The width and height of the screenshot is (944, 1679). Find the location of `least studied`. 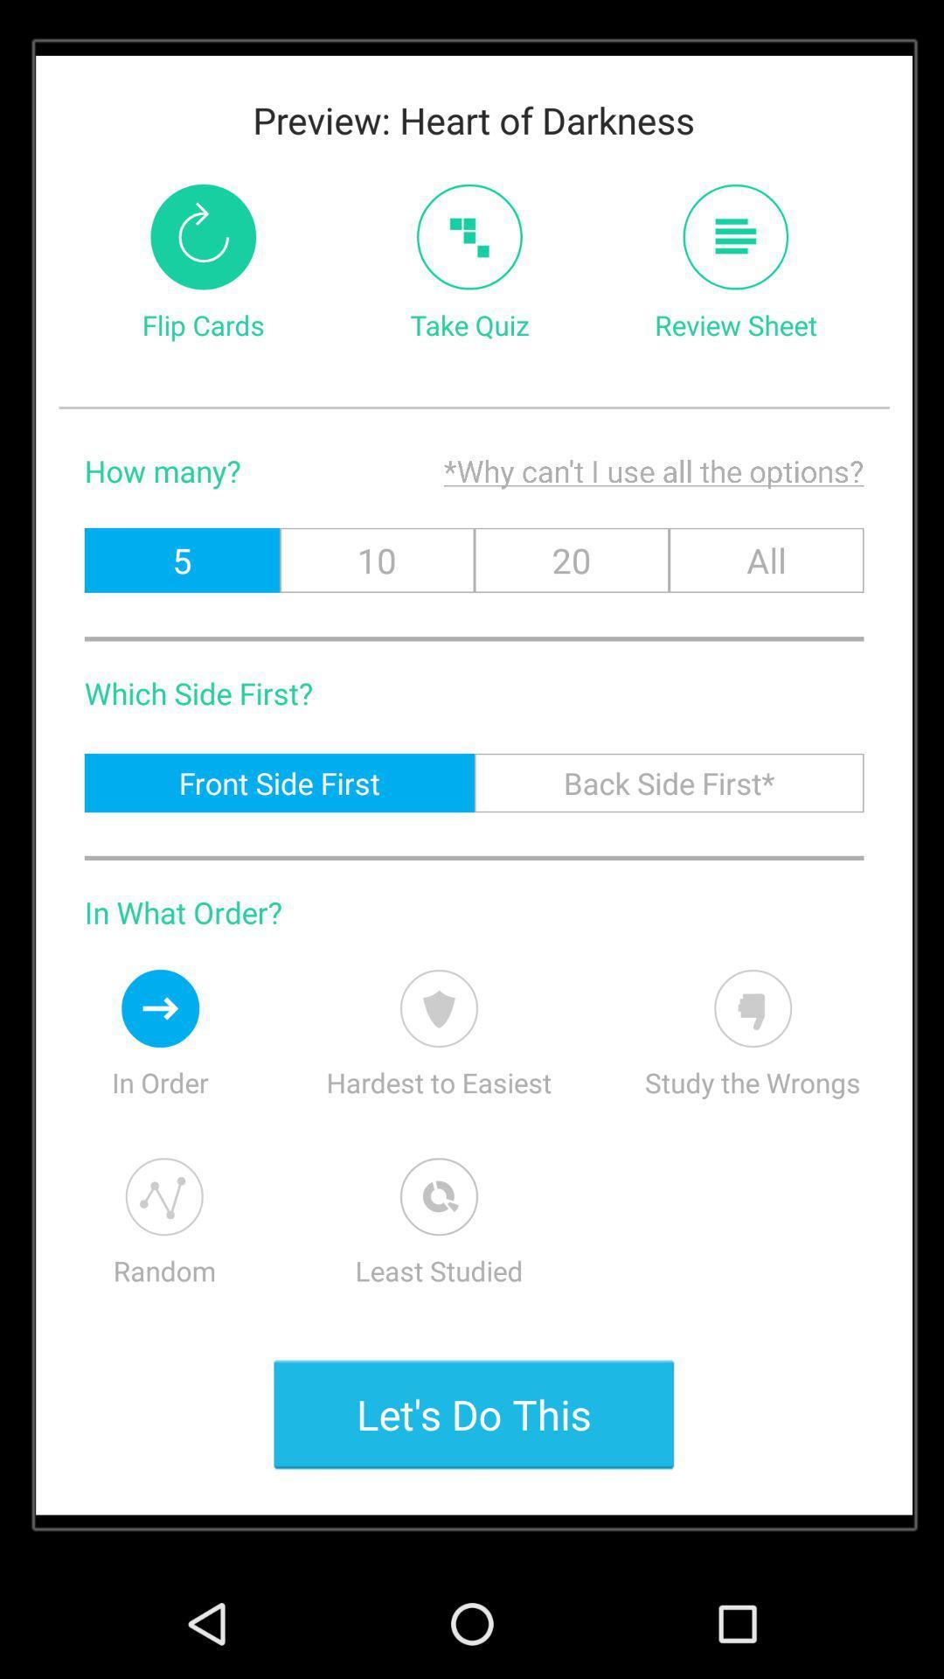

least studied is located at coordinates (438, 1195).